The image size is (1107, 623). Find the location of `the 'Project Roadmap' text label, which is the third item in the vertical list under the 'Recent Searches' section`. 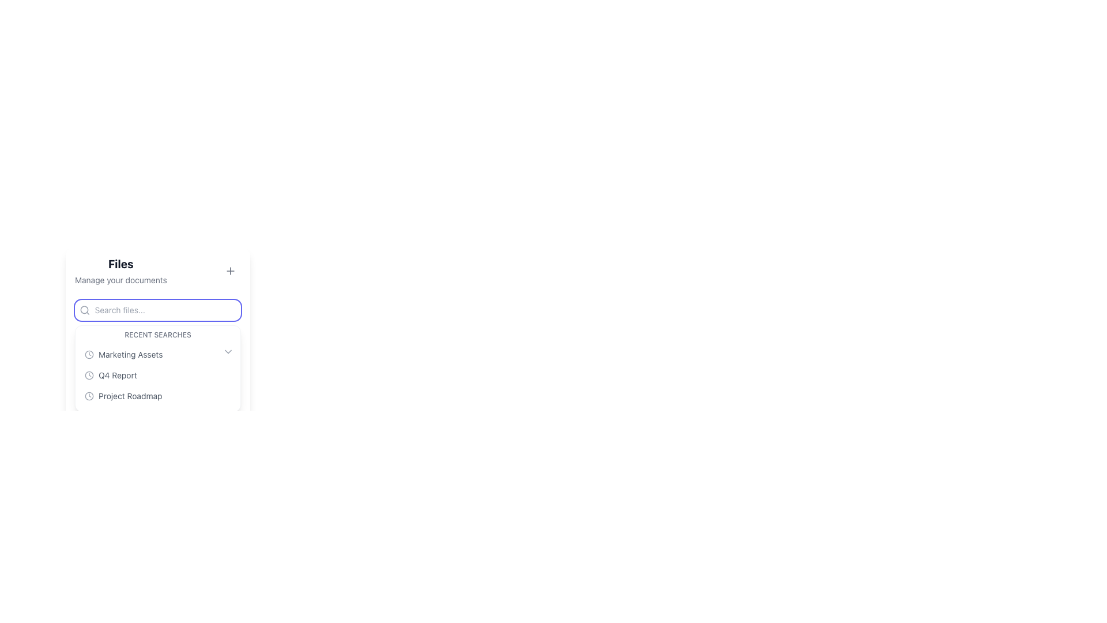

the 'Project Roadmap' text label, which is the third item in the vertical list under the 'Recent Searches' section is located at coordinates (130, 395).